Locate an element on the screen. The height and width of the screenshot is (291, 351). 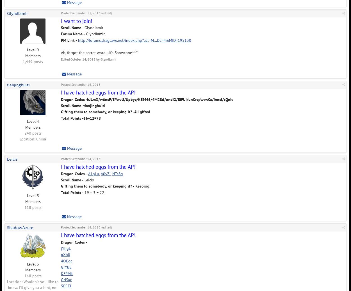
'I want to join!' is located at coordinates (77, 20).